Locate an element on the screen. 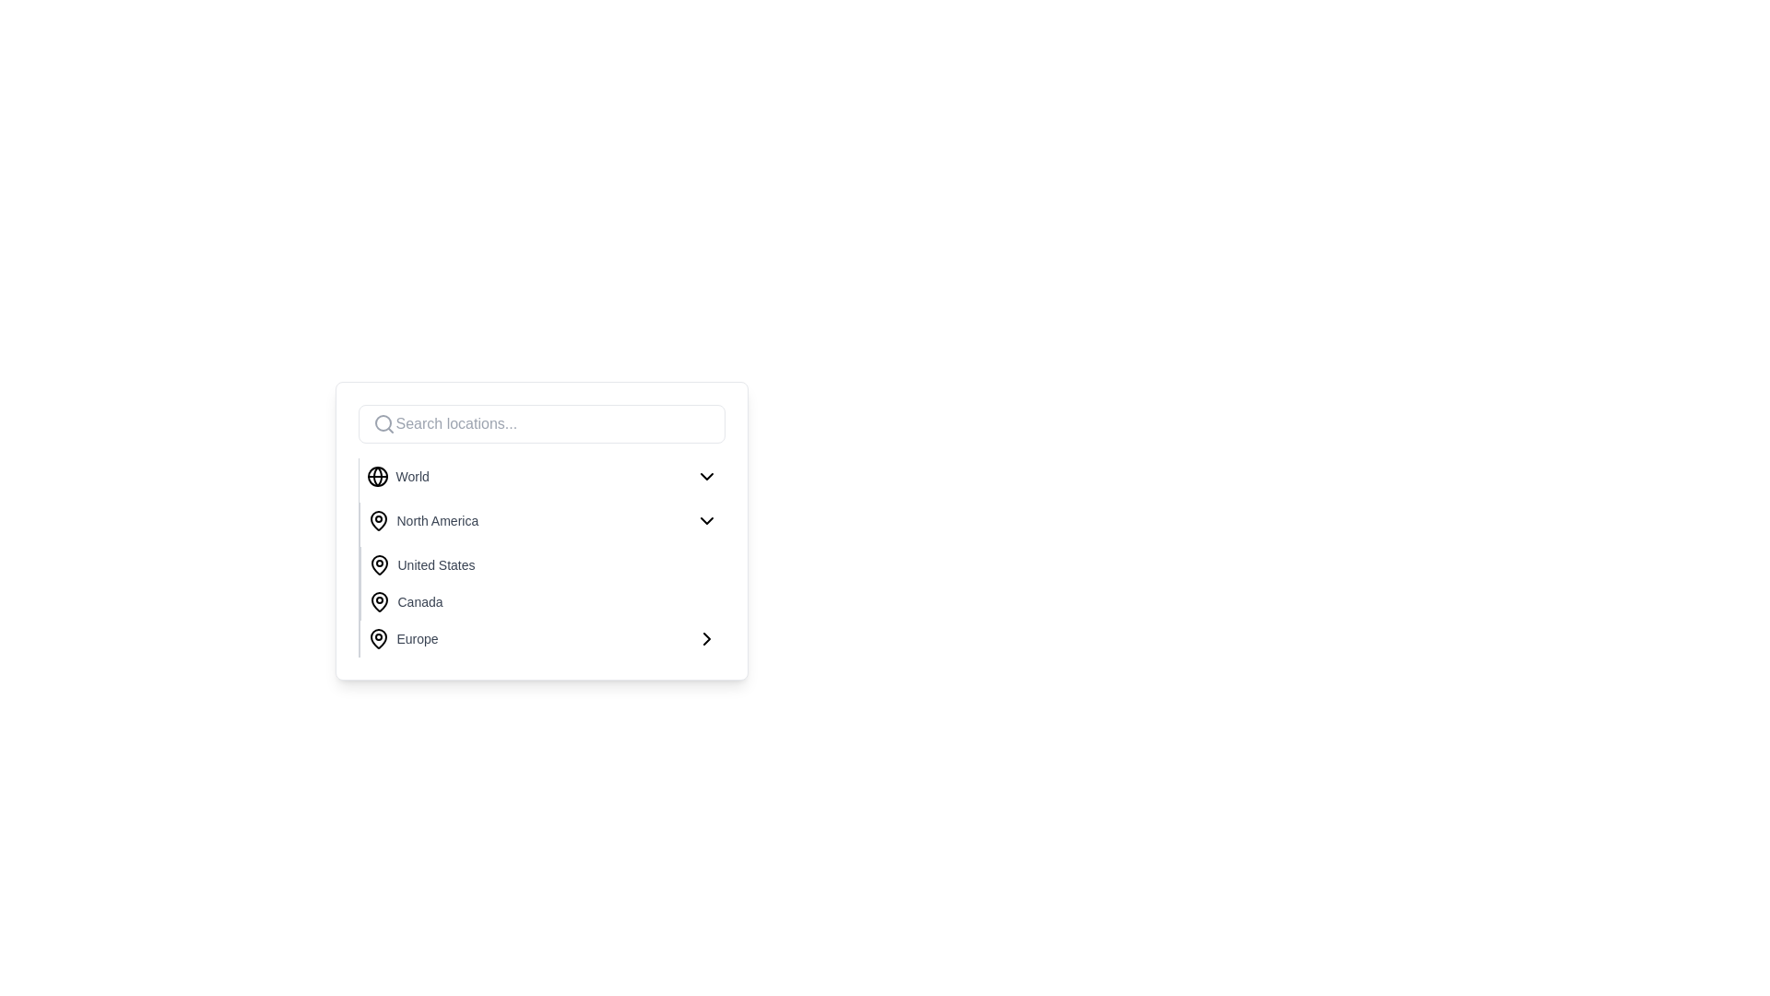 This screenshot has height=996, width=1770. the map pin icon styled with a thin black outline located next to the text label 'Europe' in the fifth row of the dropdown menu list is located at coordinates (377, 638).